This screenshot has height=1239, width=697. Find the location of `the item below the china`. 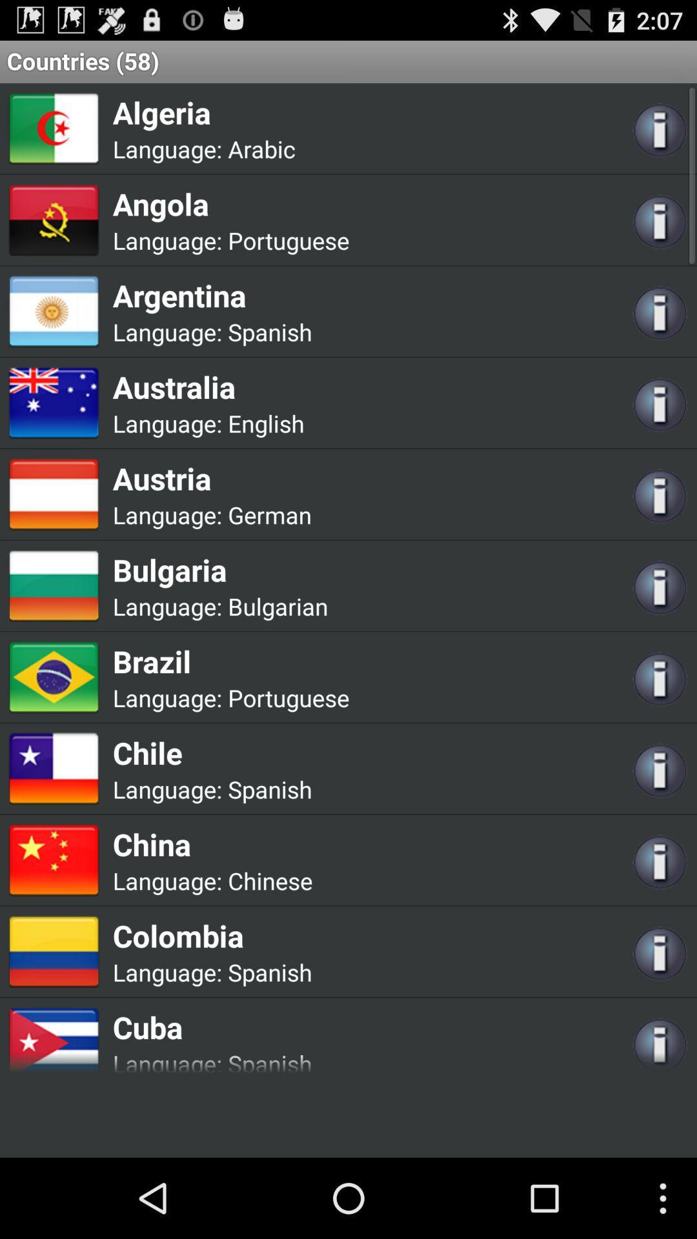

the item below the china is located at coordinates (269, 880).